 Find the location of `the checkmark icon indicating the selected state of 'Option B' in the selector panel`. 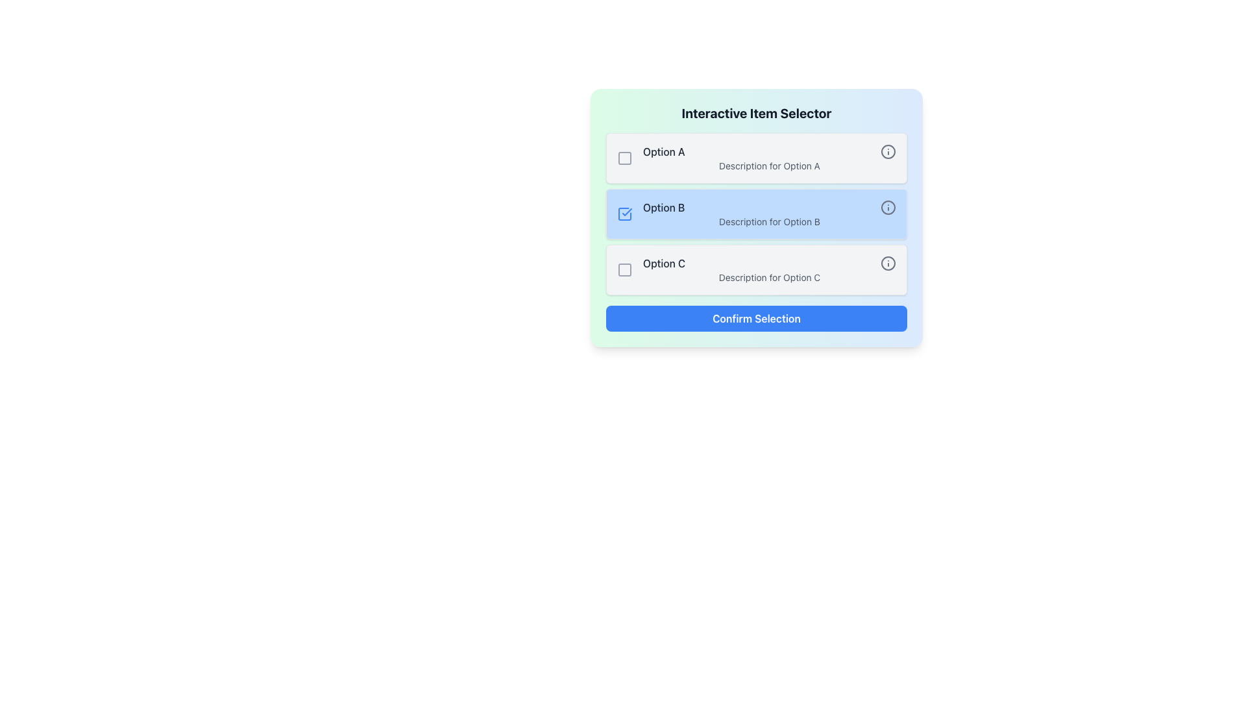

the checkmark icon indicating the selected state of 'Option B' in the selector panel is located at coordinates (627, 212).